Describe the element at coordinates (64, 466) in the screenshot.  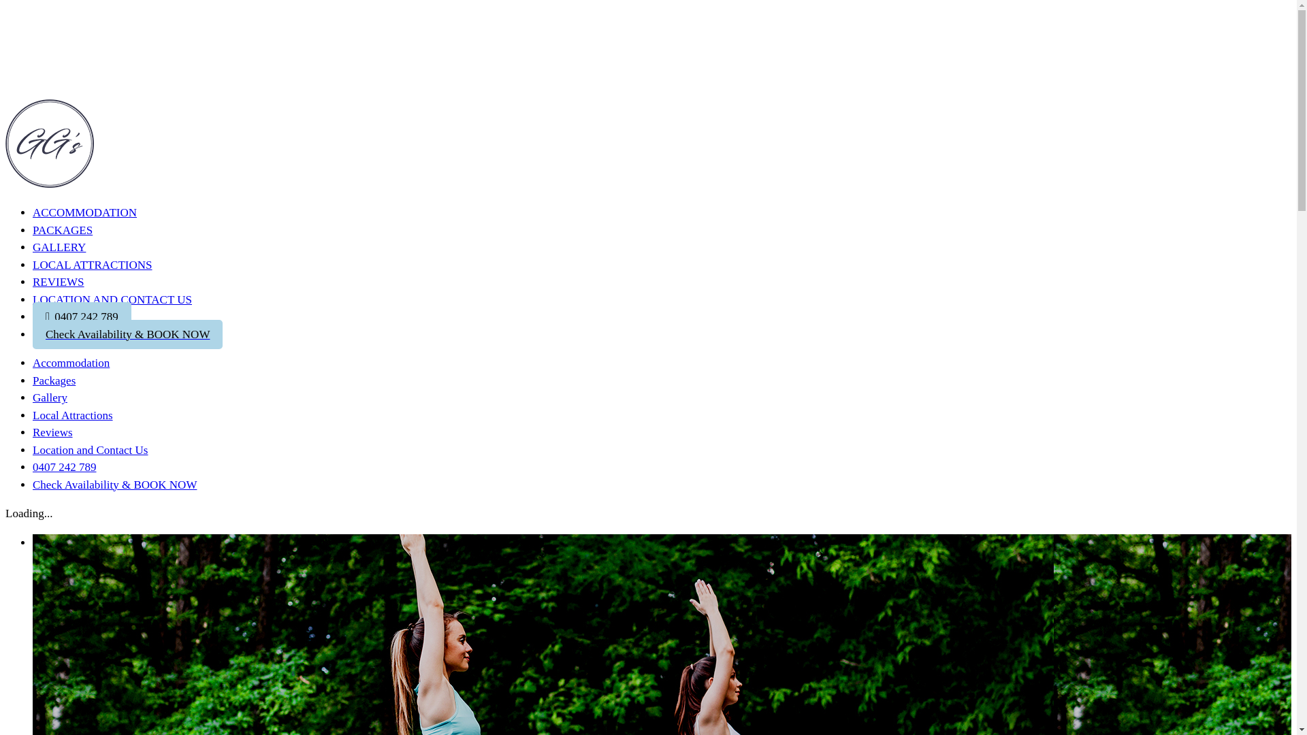
I see `'0407 242 789'` at that location.